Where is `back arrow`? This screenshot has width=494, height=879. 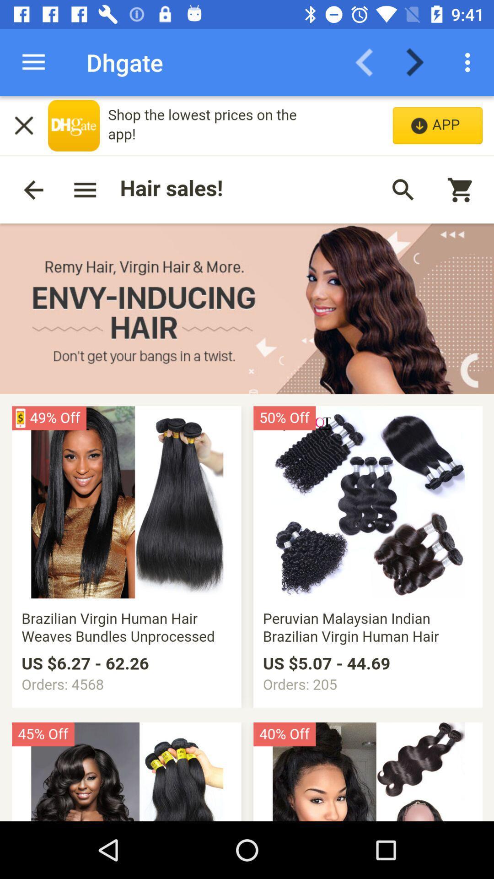
back arrow is located at coordinates (370, 62).